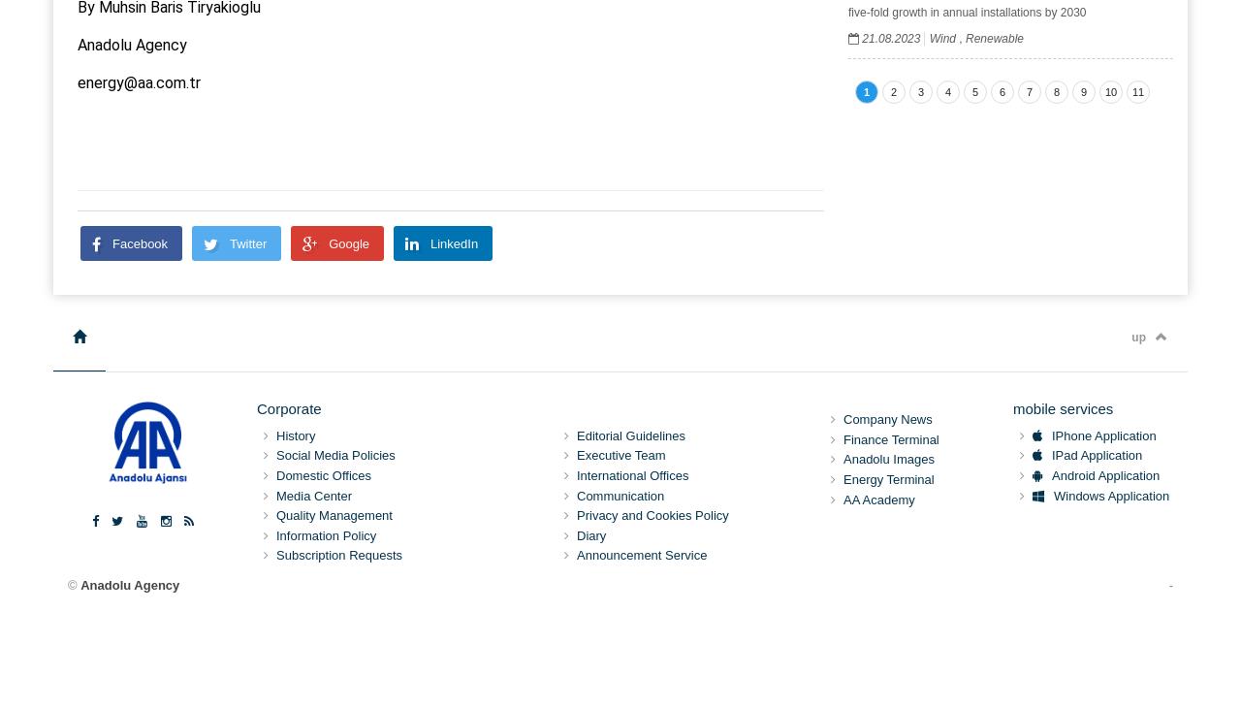 The width and height of the screenshot is (1241, 709). What do you see at coordinates (348, 242) in the screenshot?
I see `'Google'` at bounding box center [348, 242].